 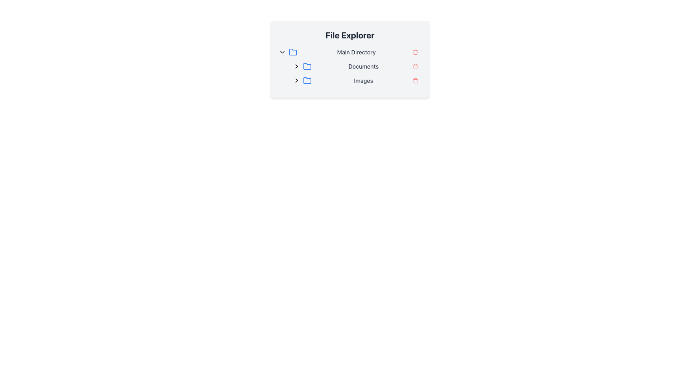 What do you see at coordinates (307, 80) in the screenshot?
I see `the blue folder icon located in the third row of the 'File Explorer' under the entry labeled 'Images'` at bounding box center [307, 80].